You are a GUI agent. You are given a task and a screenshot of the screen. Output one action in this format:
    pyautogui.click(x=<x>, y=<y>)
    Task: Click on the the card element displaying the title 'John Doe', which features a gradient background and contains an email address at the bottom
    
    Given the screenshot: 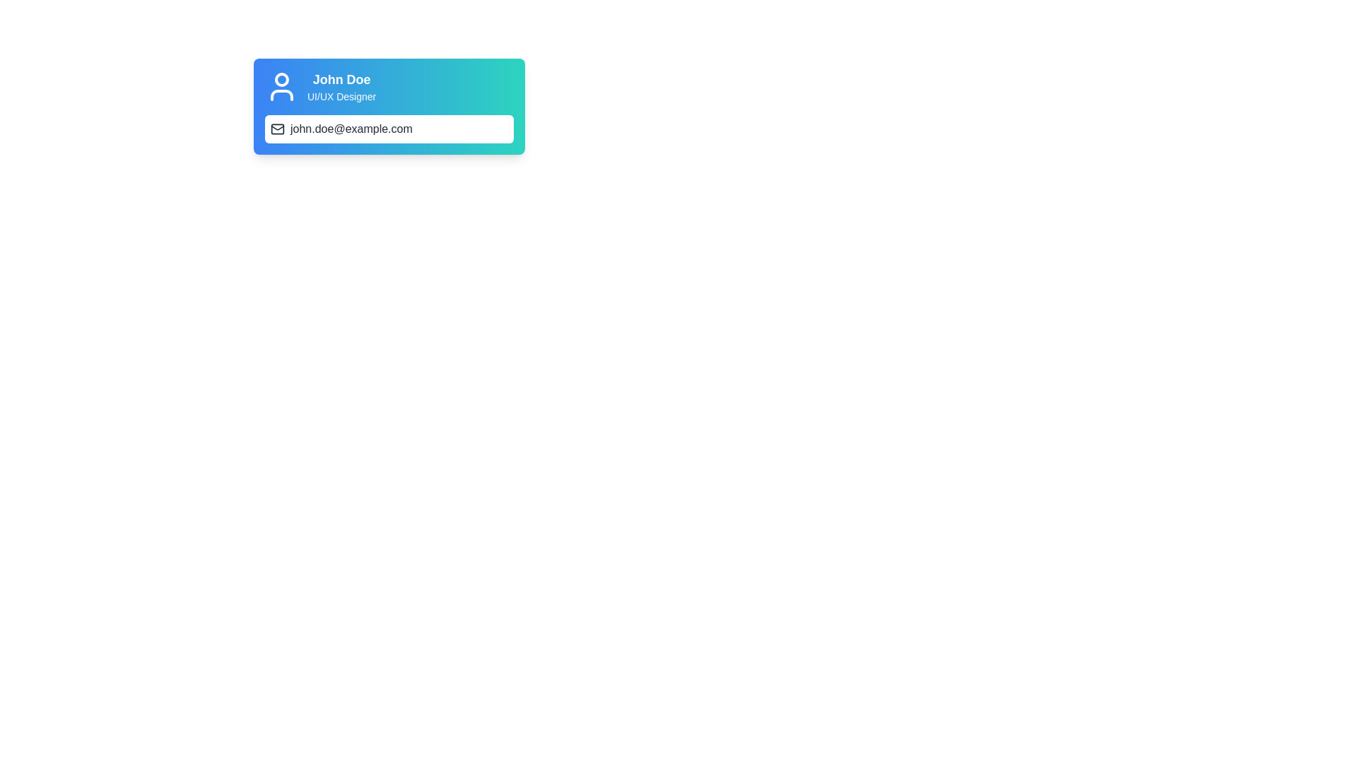 What is the action you would take?
    pyautogui.click(x=389, y=105)
    